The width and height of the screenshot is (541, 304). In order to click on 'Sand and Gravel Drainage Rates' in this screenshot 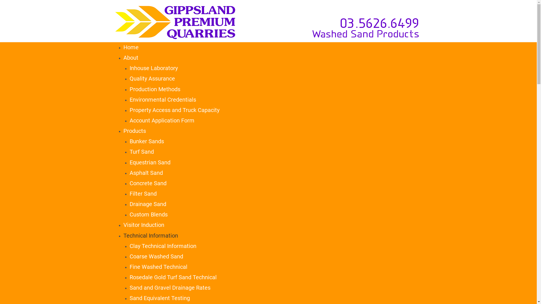, I will do `click(170, 288)`.